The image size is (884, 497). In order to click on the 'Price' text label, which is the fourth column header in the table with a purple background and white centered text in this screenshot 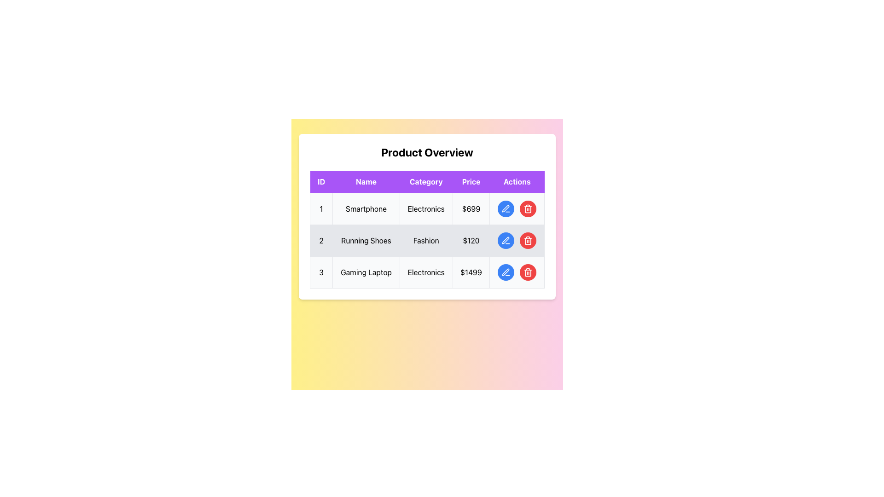, I will do `click(471, 182)`.